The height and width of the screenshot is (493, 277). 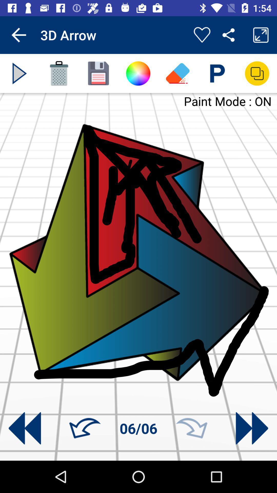 What do you see at coordinates (192, 428) in the screenshot?
I see `the redo icon` at bounding box center [192, 428].